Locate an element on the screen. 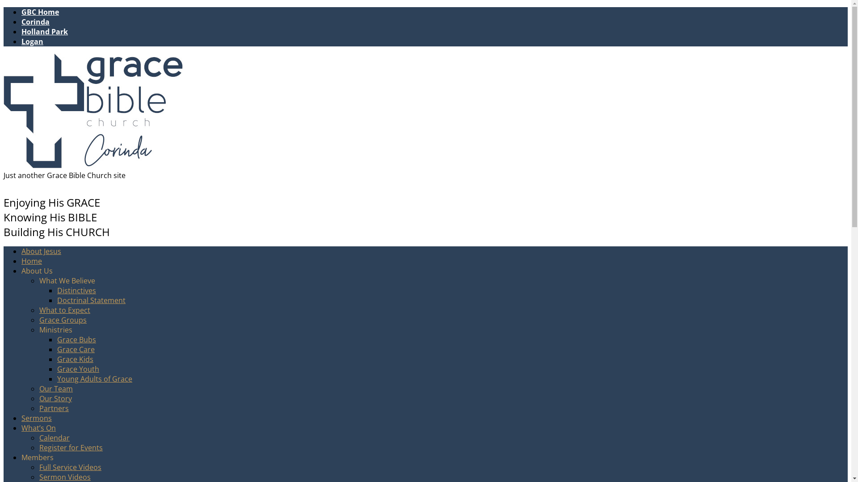 The height and width of the screenshot is (482, 858). 'Young Adults of Grace' is located at coordinates (94, 378).